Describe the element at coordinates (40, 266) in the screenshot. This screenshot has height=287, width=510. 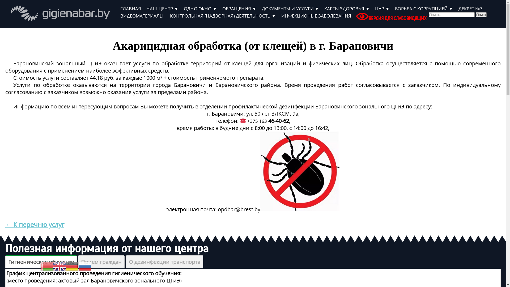
I see `'Belarusian'` at that location.